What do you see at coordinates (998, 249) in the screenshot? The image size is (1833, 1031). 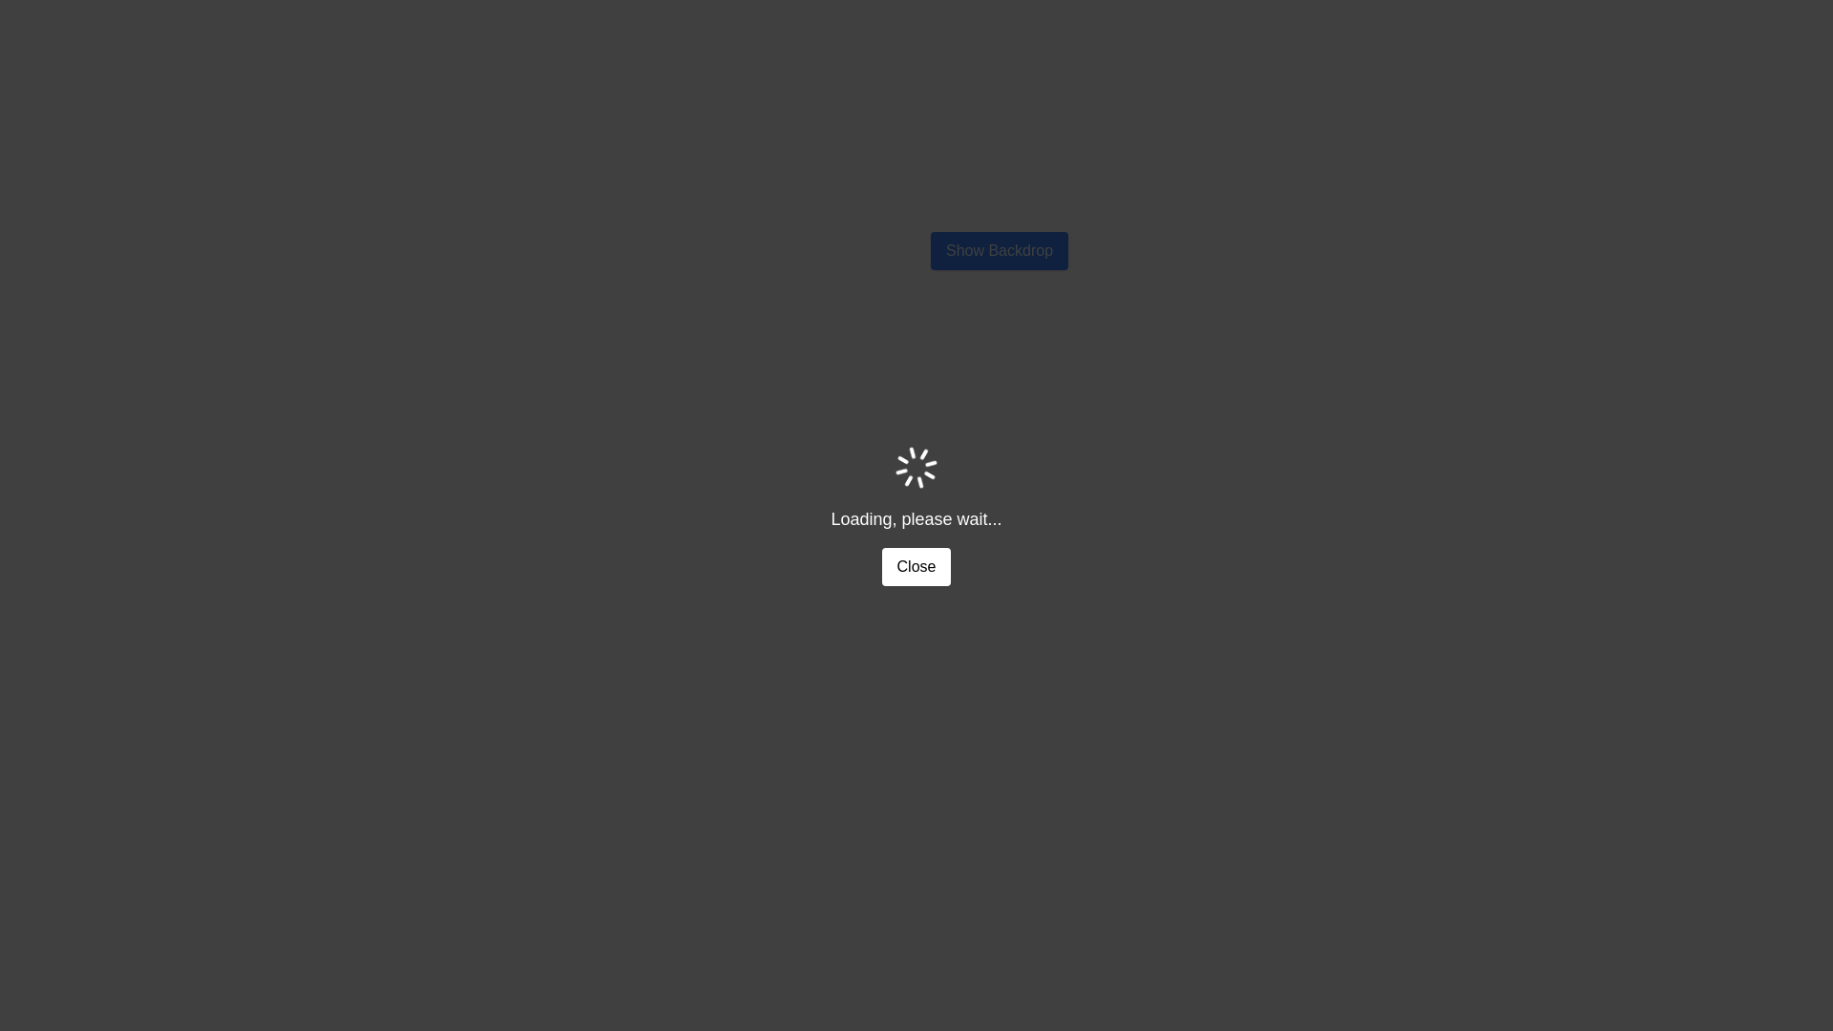 I see `the backdrop overlay toggle button located at the top portion of the dialog, centered horizontally above the loading spinner and 'Close' button` at bounding box center [998, 249].